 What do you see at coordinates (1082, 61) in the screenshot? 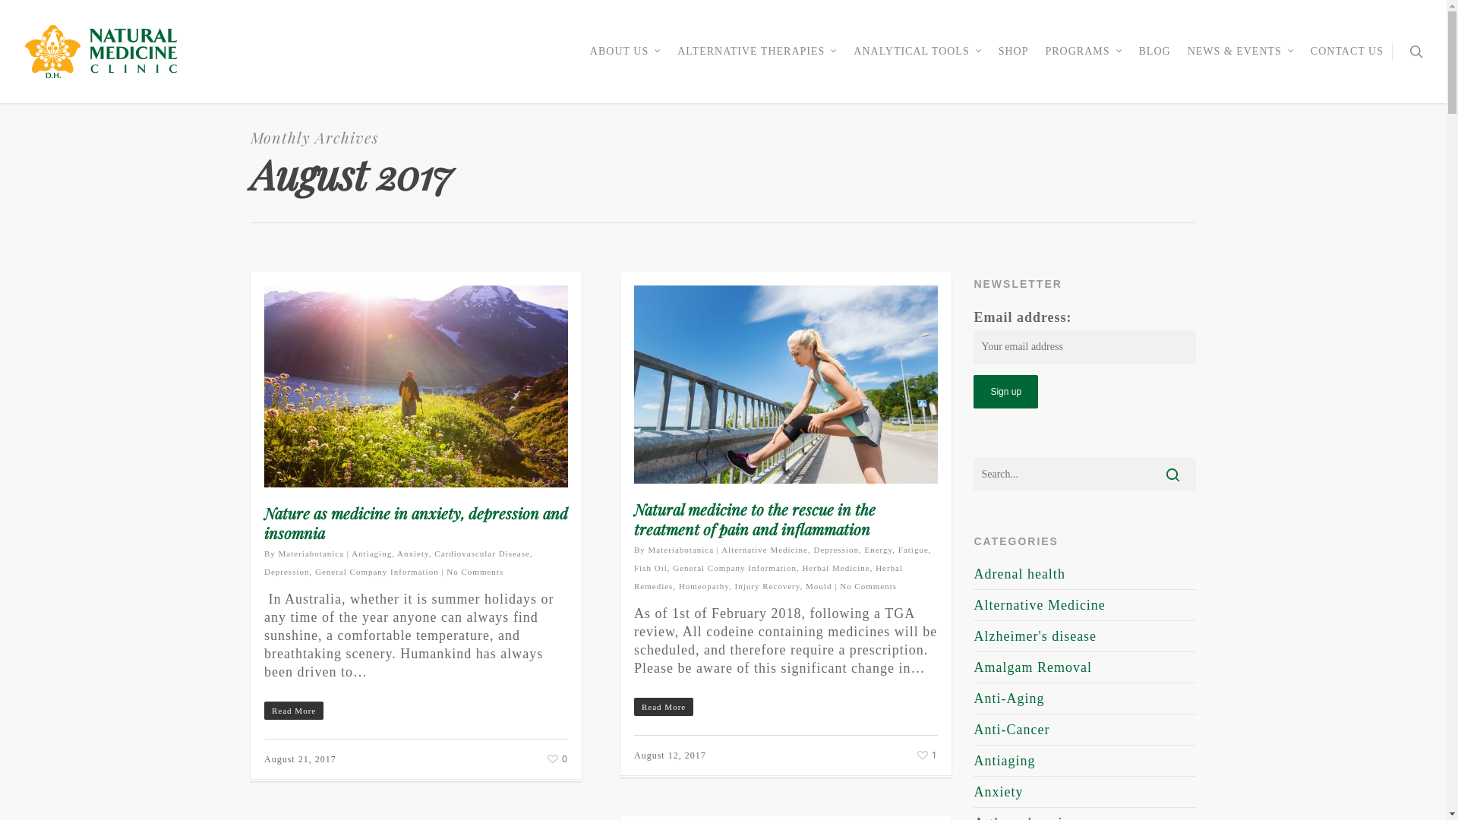
I see `'PROGRAMS'` at bounding box center [1082, 61].